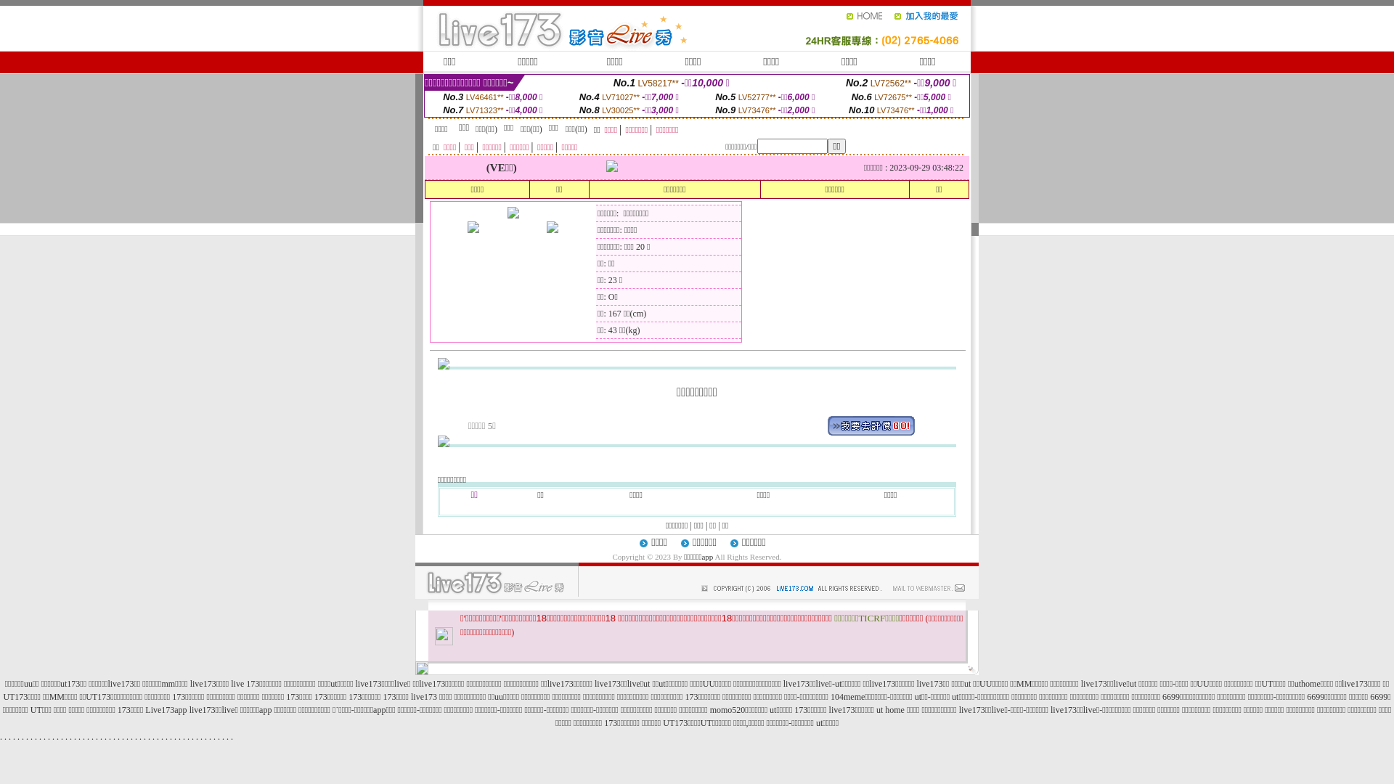 This screenshot has height=784, width=1394. I want to click on '.', so click(44, 736).